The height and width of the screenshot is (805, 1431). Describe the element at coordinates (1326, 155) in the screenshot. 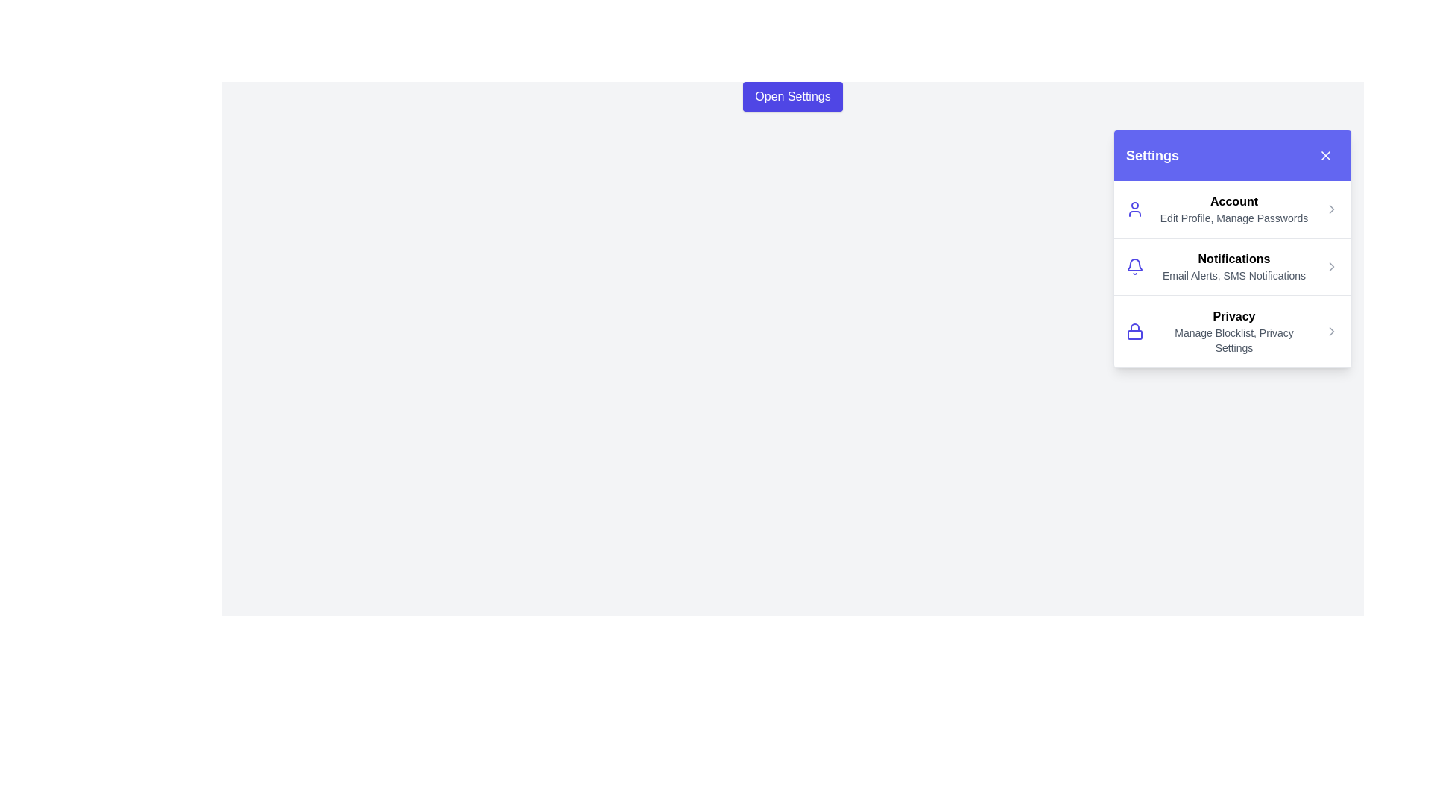

I see `the black diagonal line forming part of the 'X' close icon located at the top-right corner of the 'Settings' panel` at that location.